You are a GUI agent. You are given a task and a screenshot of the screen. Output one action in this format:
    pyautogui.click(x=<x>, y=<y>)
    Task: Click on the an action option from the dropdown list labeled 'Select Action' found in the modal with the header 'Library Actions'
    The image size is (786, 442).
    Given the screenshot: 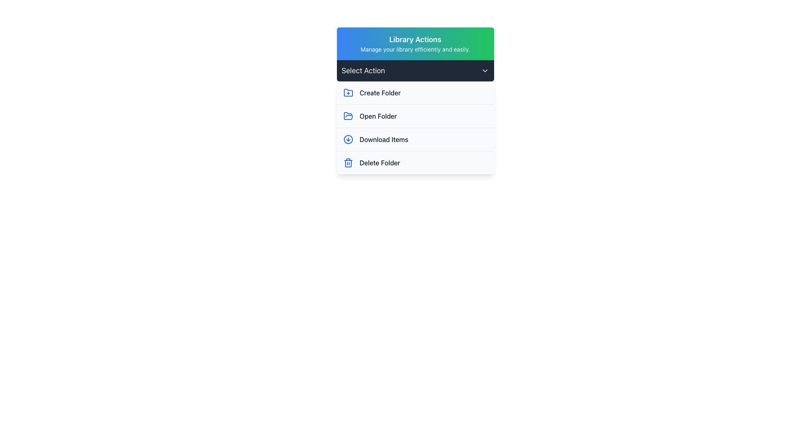 What is the action you would take?
    pyautogui.click(x=415, y=100)
    